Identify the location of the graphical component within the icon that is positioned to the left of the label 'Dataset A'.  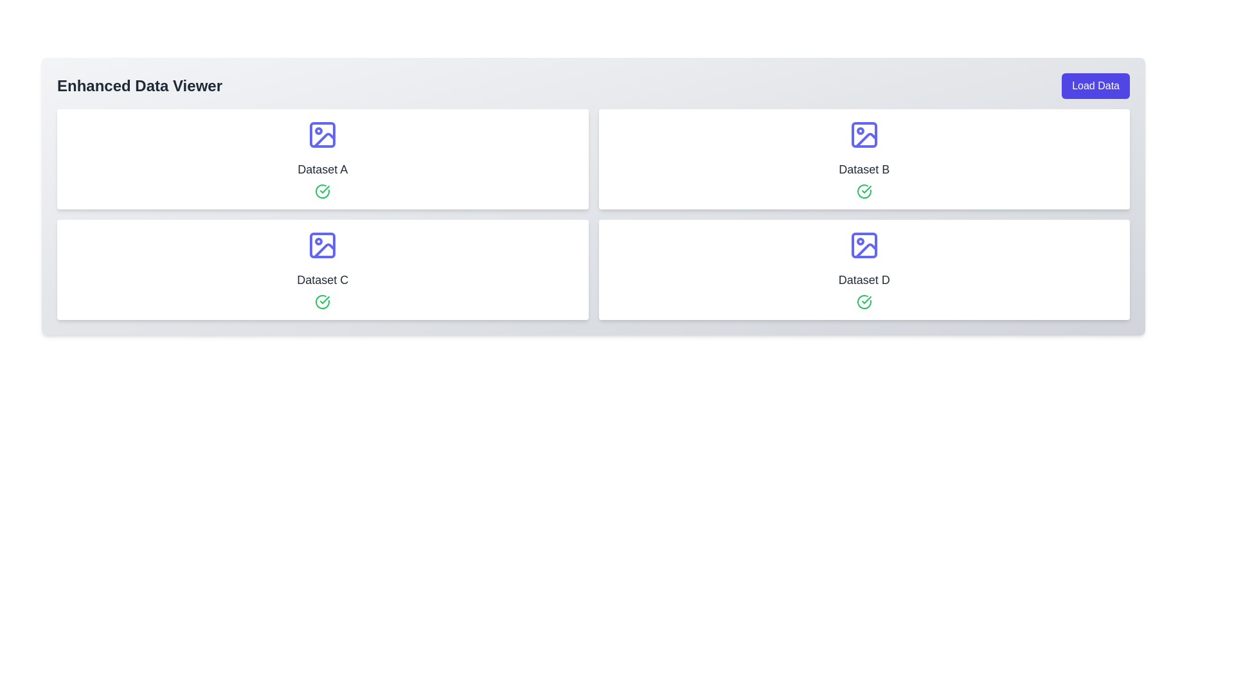
(323, 134).